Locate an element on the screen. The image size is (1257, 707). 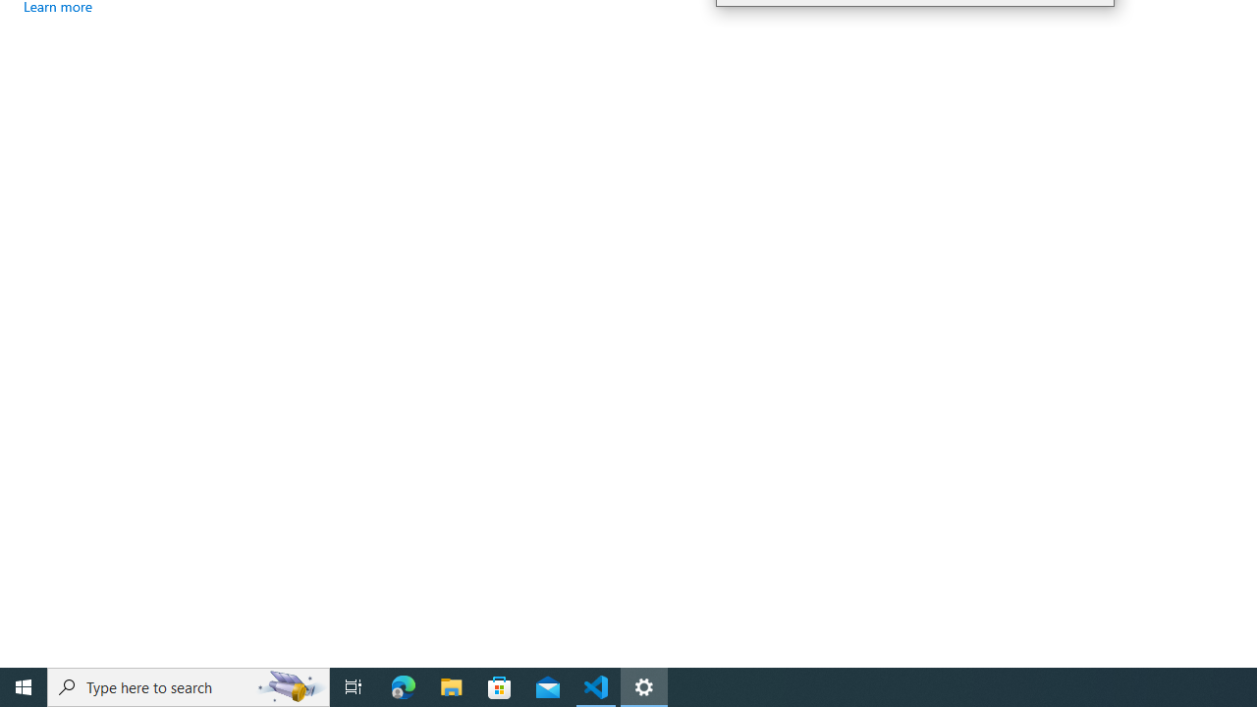
'Task View' is located at coordinates (353, 685).